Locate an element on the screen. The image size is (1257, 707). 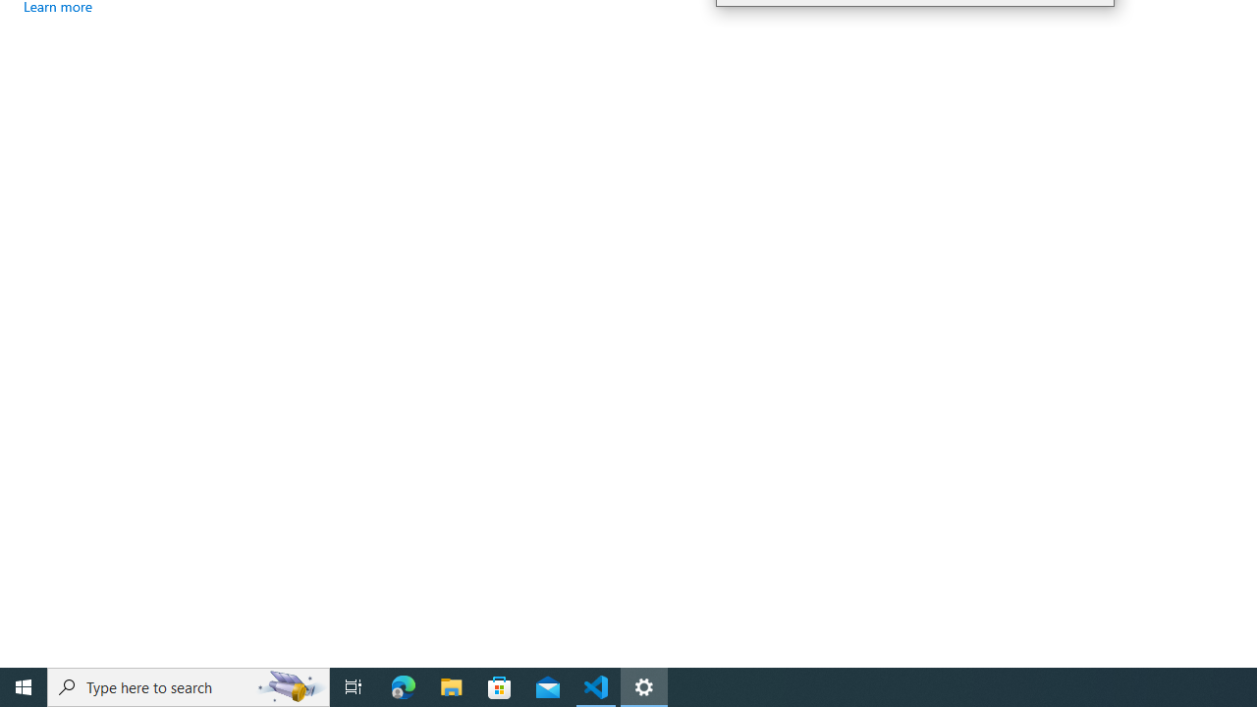
'Task View' is located at coordinates (353, 685).